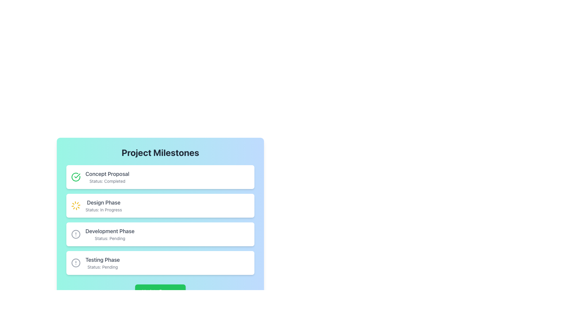 The image size is (574, 322). Describe the element at coordinates (110, 231) in the screenshot. I see `text label displaying 'Development Phase' in bold gray font located in the 'Project Milestones' section, above the 'Status: Pending' text and to the right of a circular icon with an exclamation mark` at that location.